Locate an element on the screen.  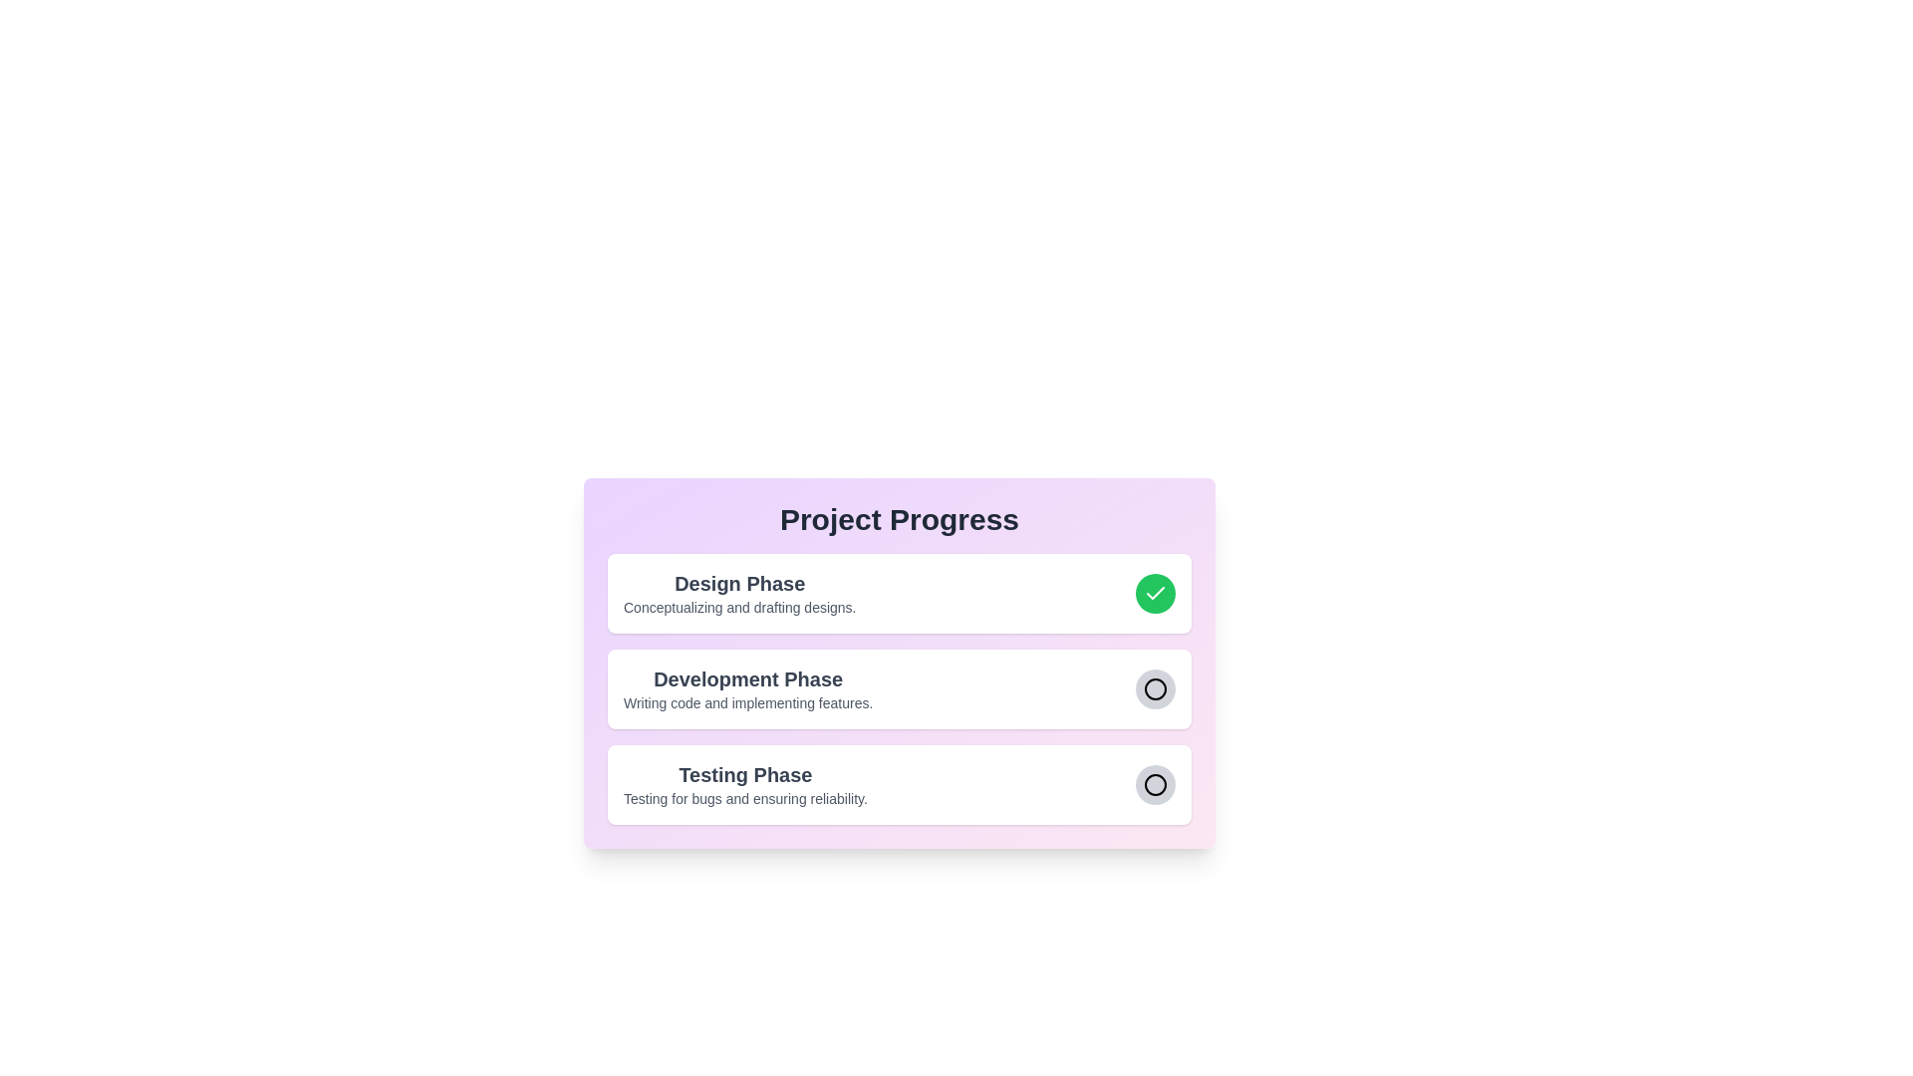
the circular icon outlined with a black stroke, located within the light gray circular button in the rightmost part of the 'Development Phase' row is located at coordinates (1156, 783).